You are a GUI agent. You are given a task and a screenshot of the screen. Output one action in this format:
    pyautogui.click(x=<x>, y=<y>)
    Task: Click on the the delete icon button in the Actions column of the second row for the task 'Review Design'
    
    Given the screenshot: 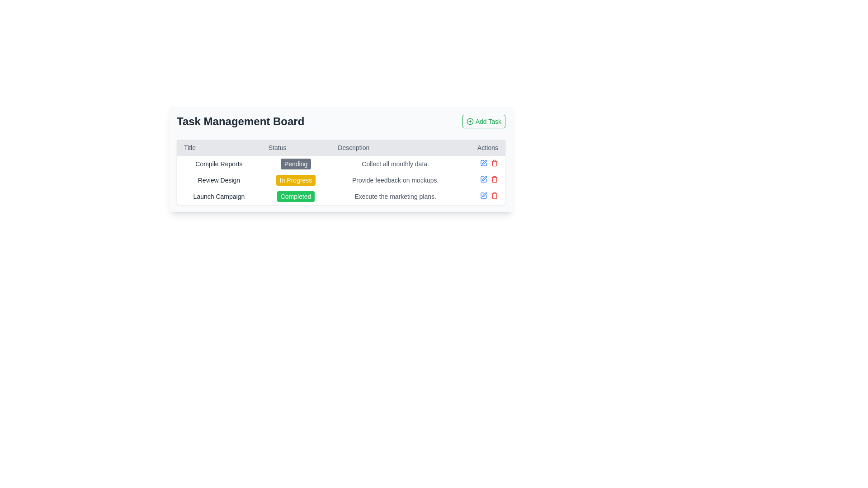 What is the action you would take?
    pyautogui.click(x=494, y=163)
    